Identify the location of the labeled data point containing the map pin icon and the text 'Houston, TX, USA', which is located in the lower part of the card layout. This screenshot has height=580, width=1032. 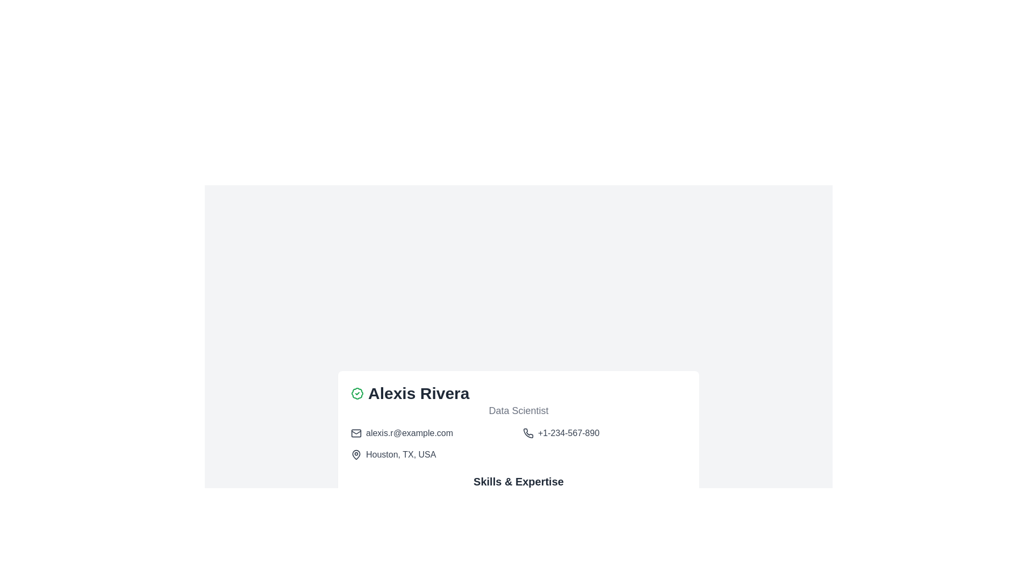
(433, 455).